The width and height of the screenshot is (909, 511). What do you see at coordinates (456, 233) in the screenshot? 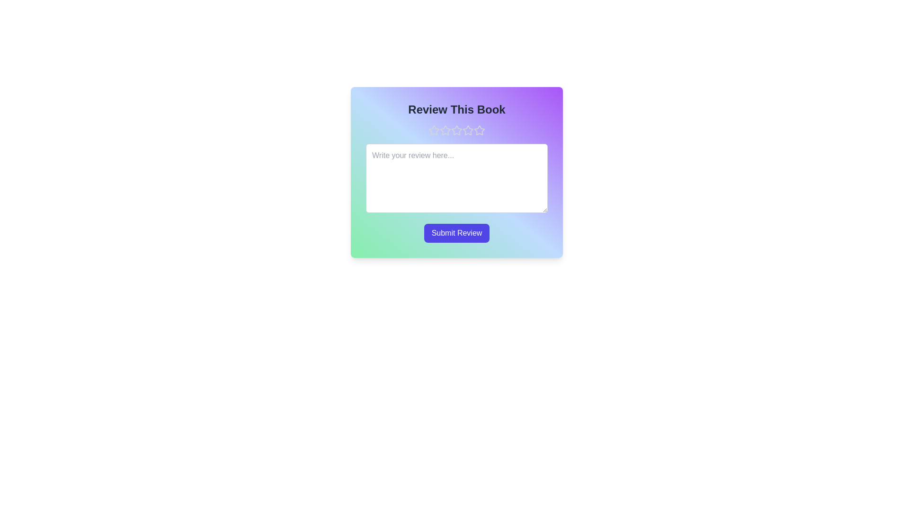
I see `the 'Submit Review' button` at bounding box center [456, 233].